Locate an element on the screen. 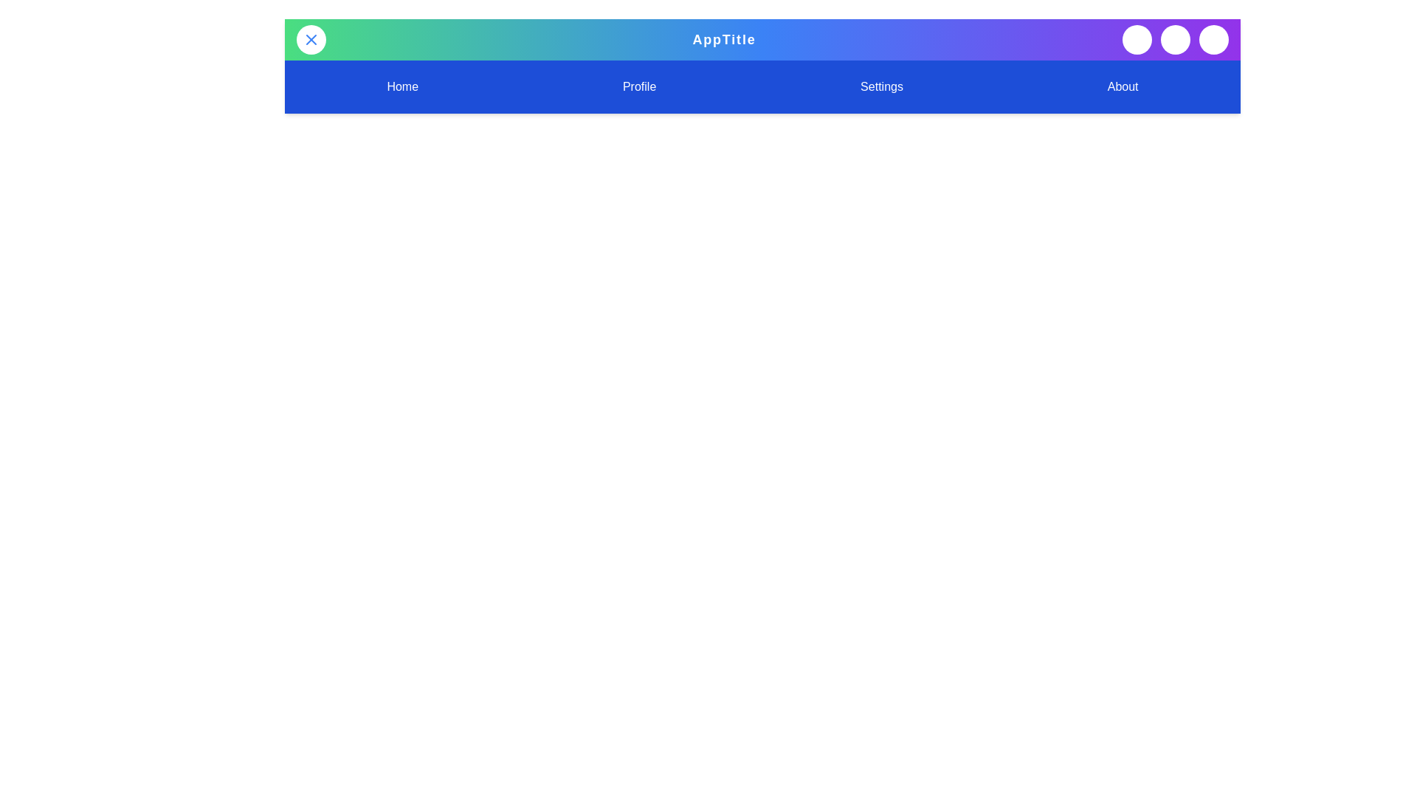 Image resolution: width=1417 pixels, height=797 pixels. the 'About' navigation item is located at coordinates (1122, 87).